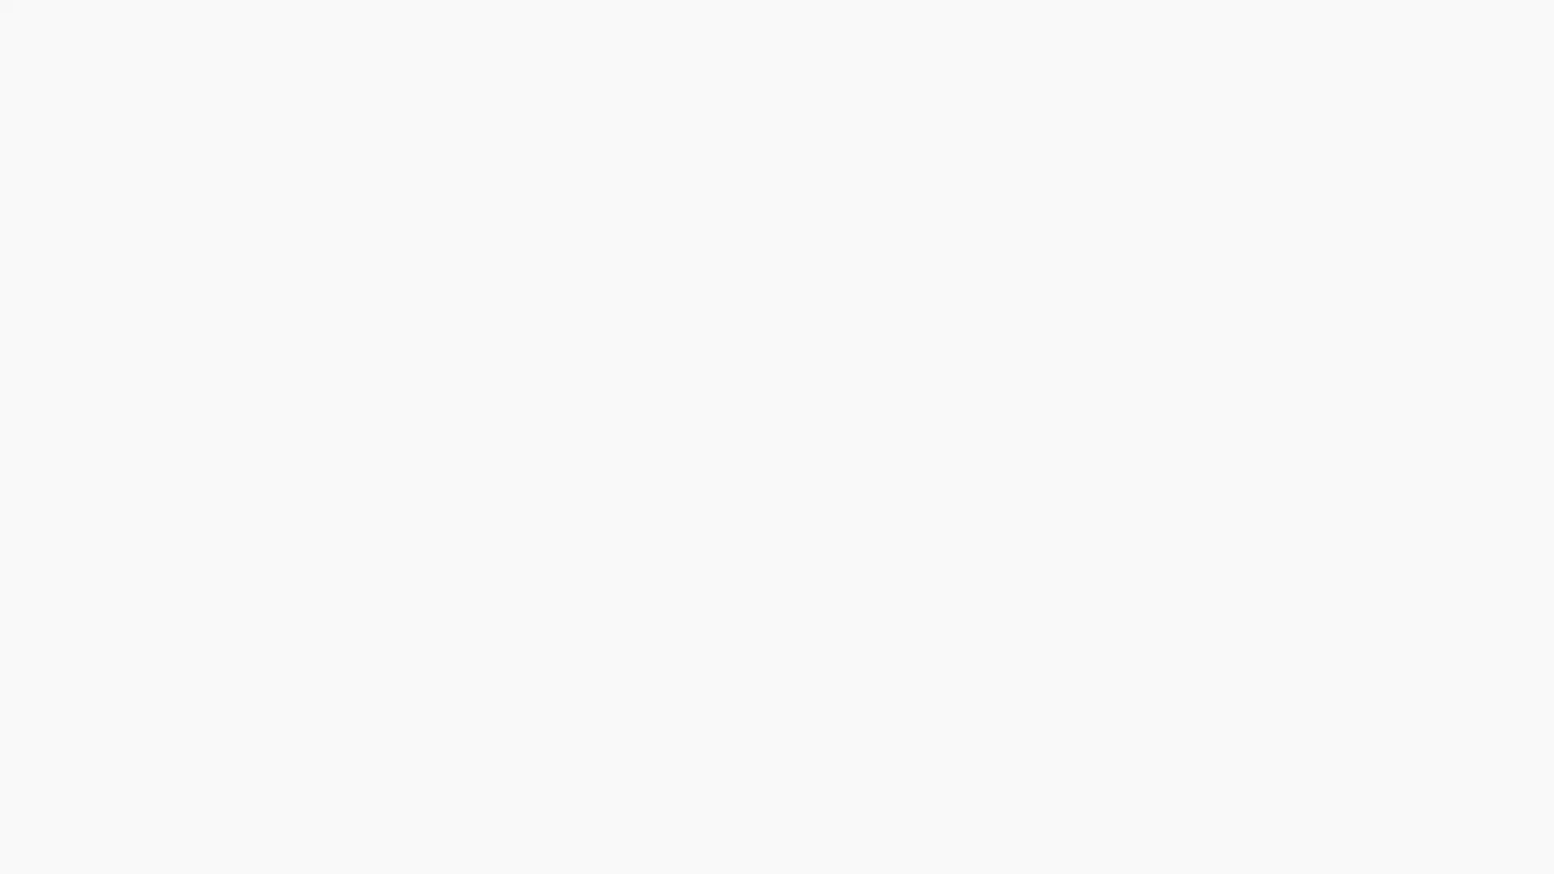 This screenshot has height=874, width=1554. Describe the element at coordinates (811, 592) in the screenshot. I see `+` at that location.